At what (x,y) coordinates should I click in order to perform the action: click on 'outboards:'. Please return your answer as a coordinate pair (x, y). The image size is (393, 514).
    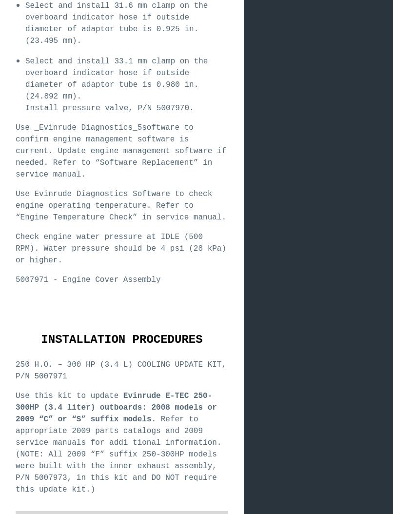
    Looking at the image, I should click on (122, 407).